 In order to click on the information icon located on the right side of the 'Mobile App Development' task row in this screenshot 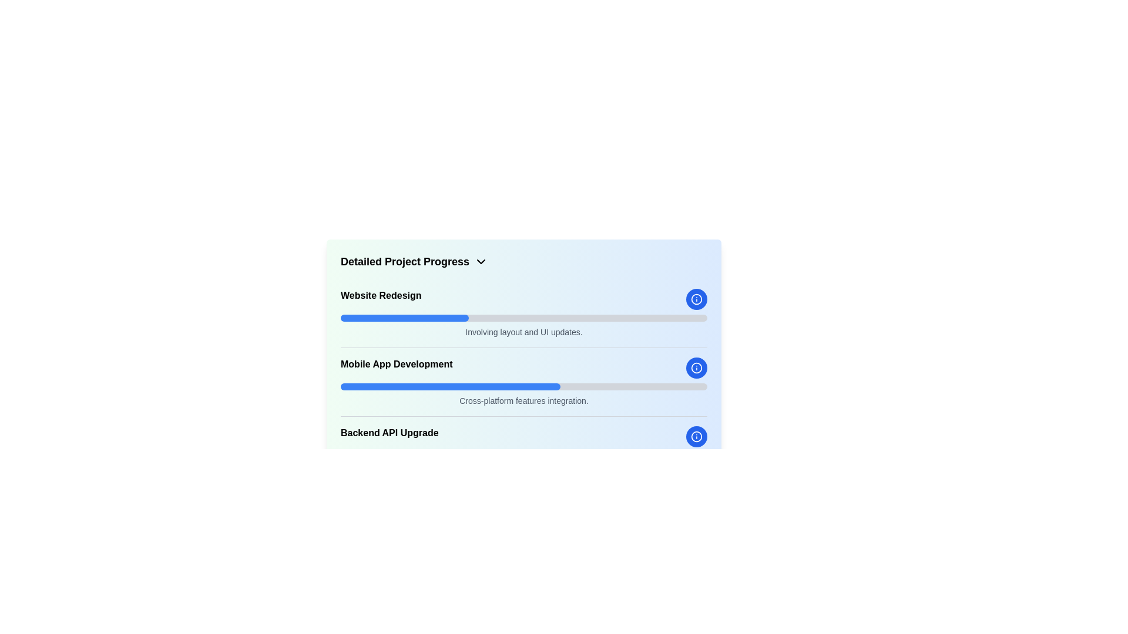, I will do `click(696, 367)`.